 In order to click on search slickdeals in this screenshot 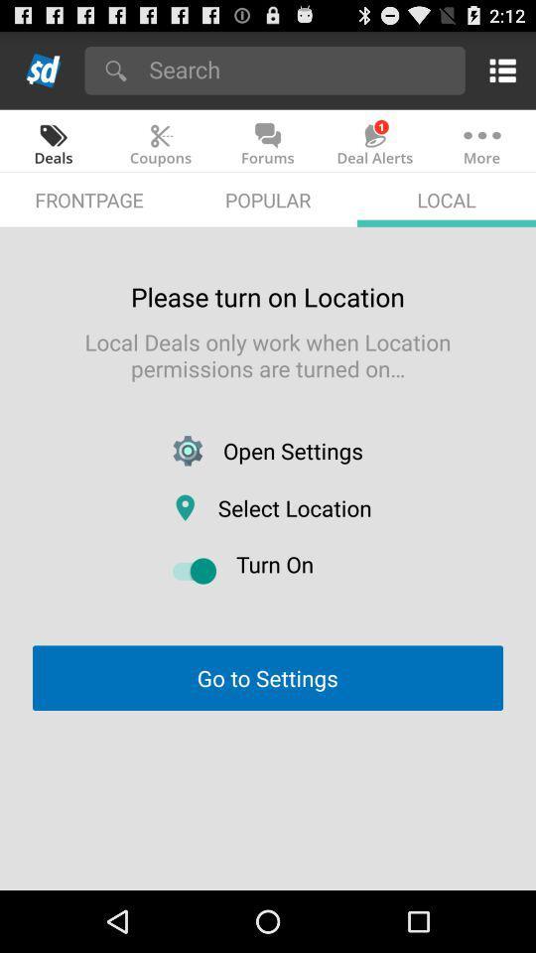, I will do `click(300, 68)`.